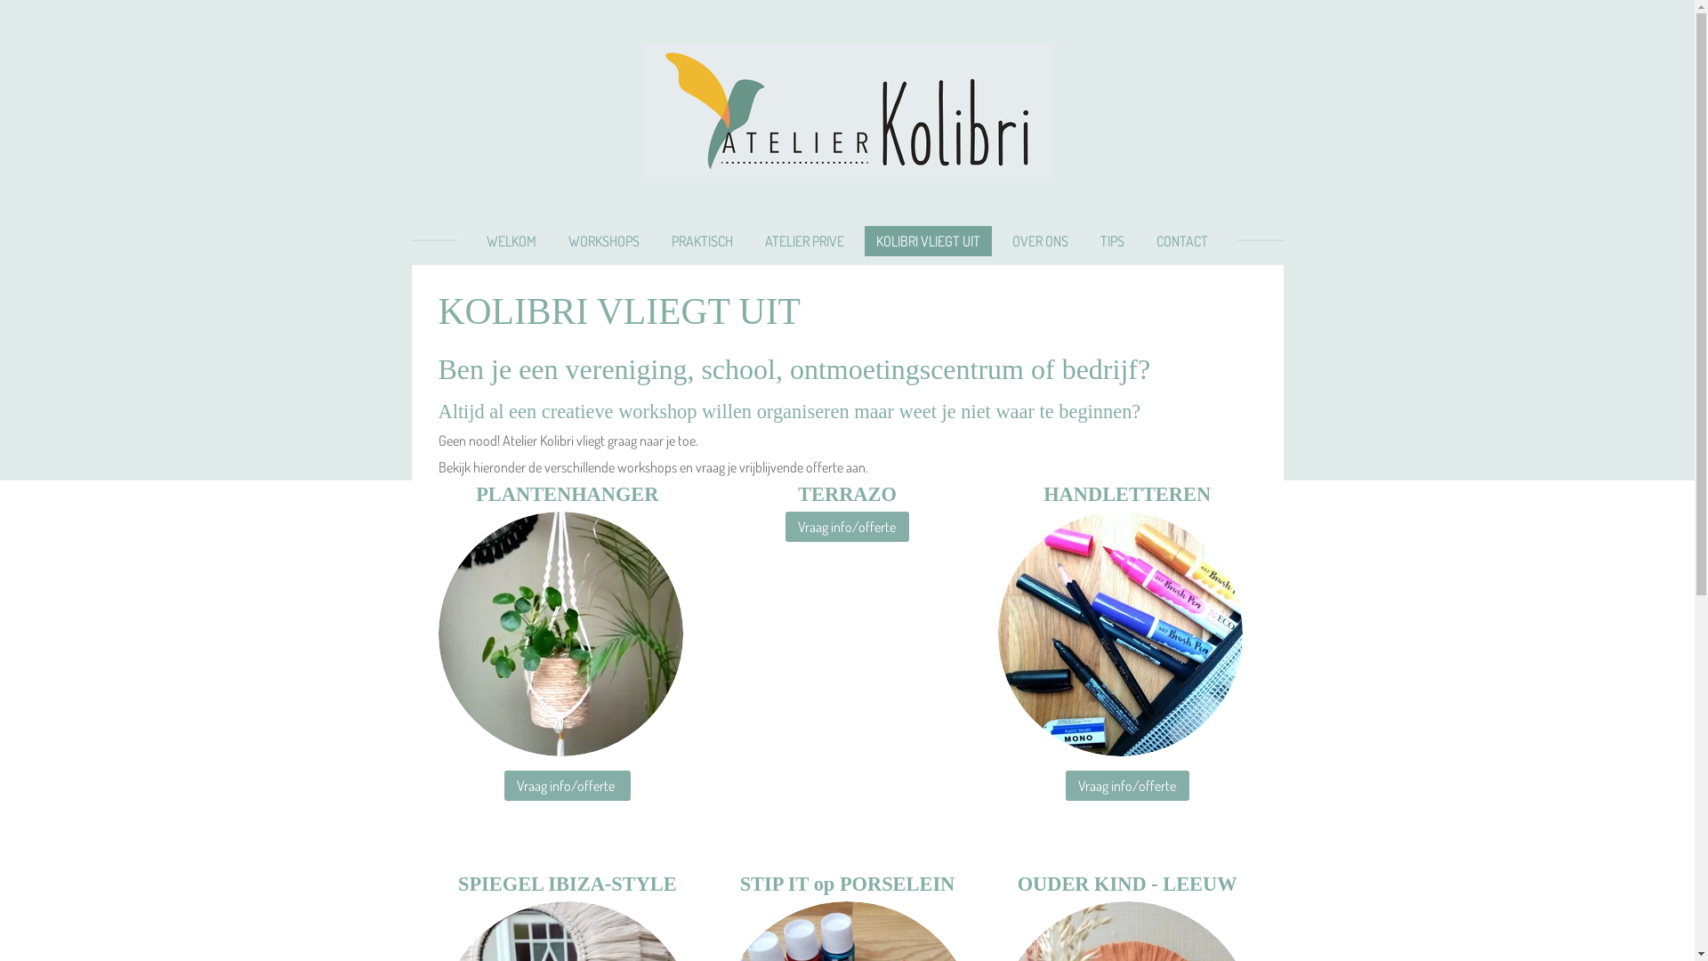 The image size is (1708, 961). Describe the element at coordinates (1182, 240) in the screenshot. I see `'CONTACT'` at that location.